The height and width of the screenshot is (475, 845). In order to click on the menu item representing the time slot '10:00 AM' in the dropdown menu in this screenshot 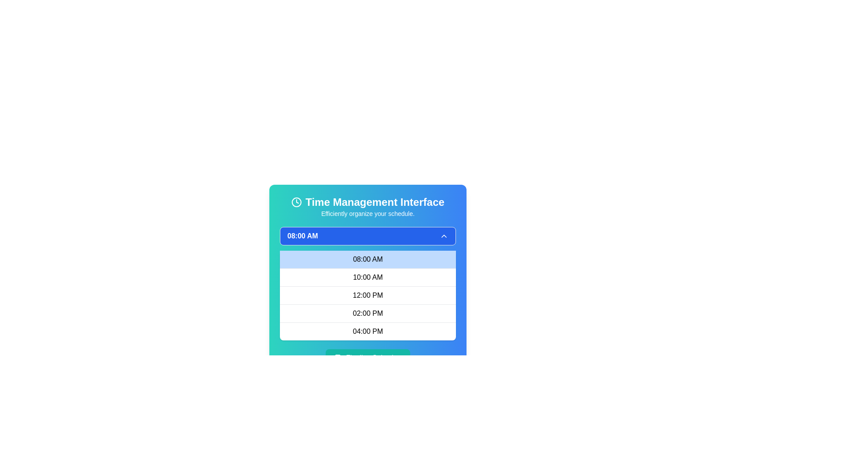, I will do `click(367, 277)`.